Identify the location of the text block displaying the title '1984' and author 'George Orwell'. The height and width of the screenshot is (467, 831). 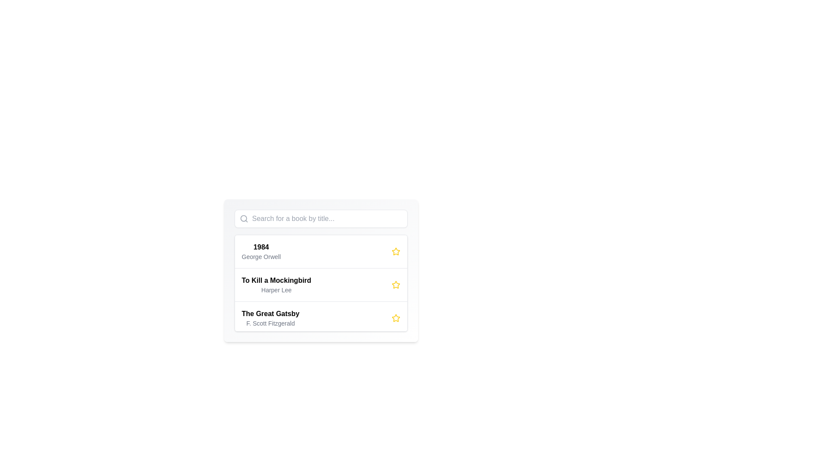
(261, 252).